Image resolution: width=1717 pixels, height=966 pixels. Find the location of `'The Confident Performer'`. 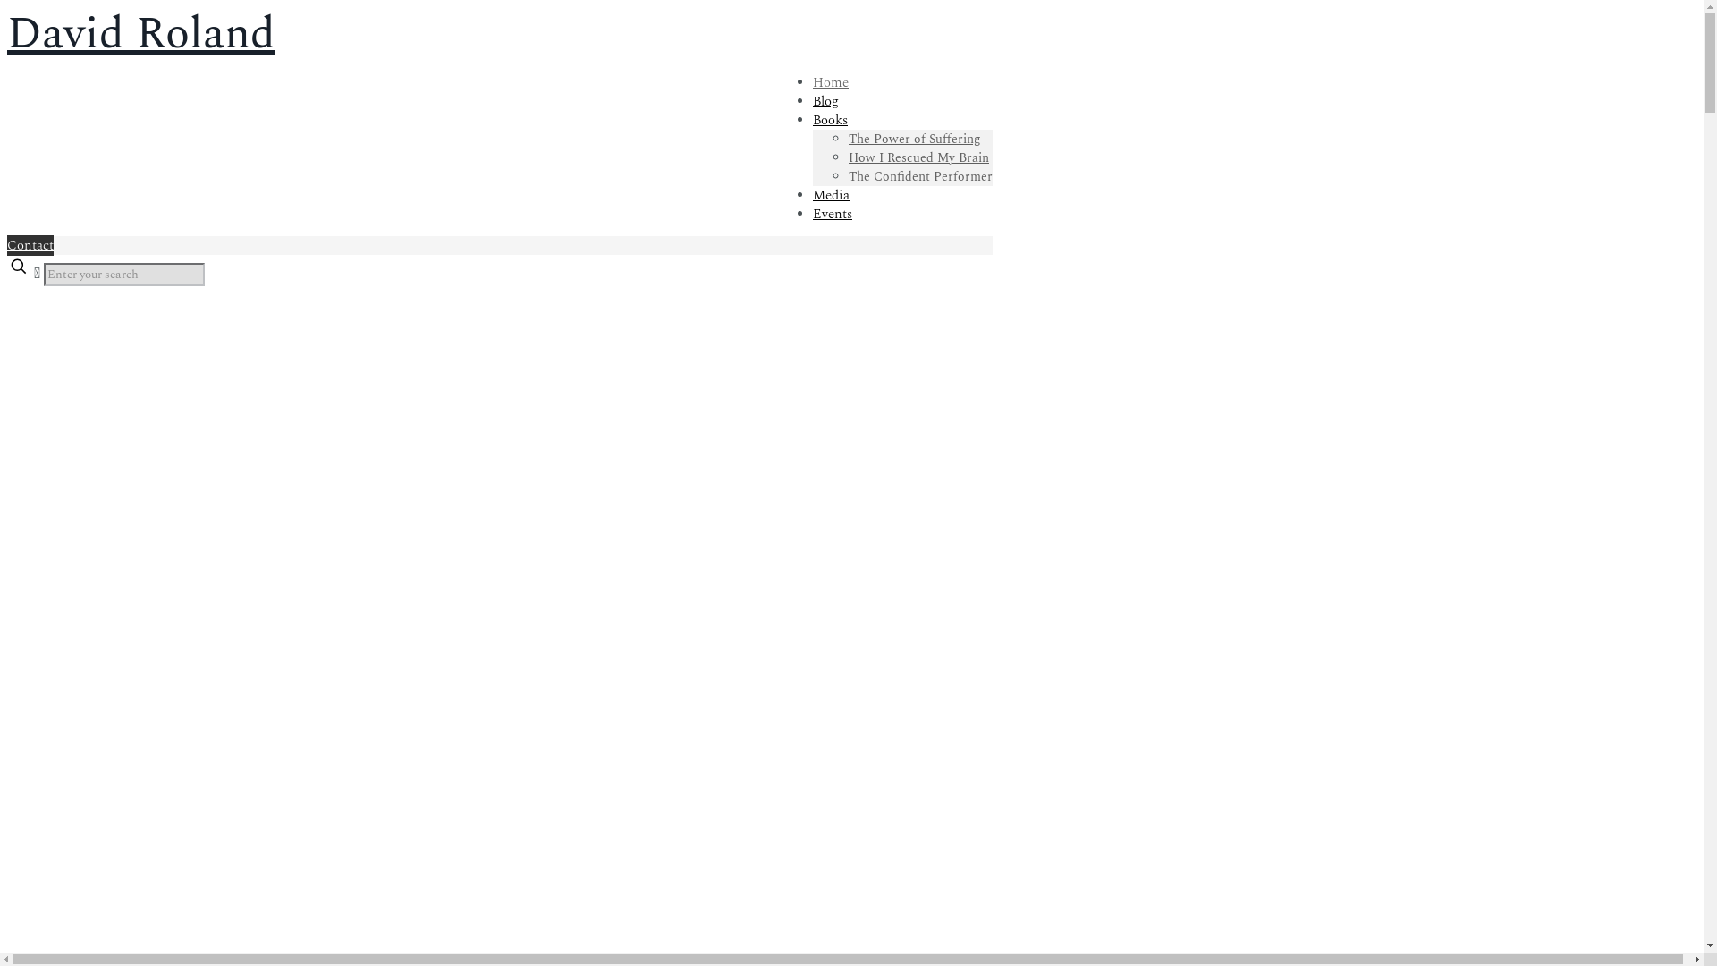

'The Confident Performer' is located at coordinates (920, 176).